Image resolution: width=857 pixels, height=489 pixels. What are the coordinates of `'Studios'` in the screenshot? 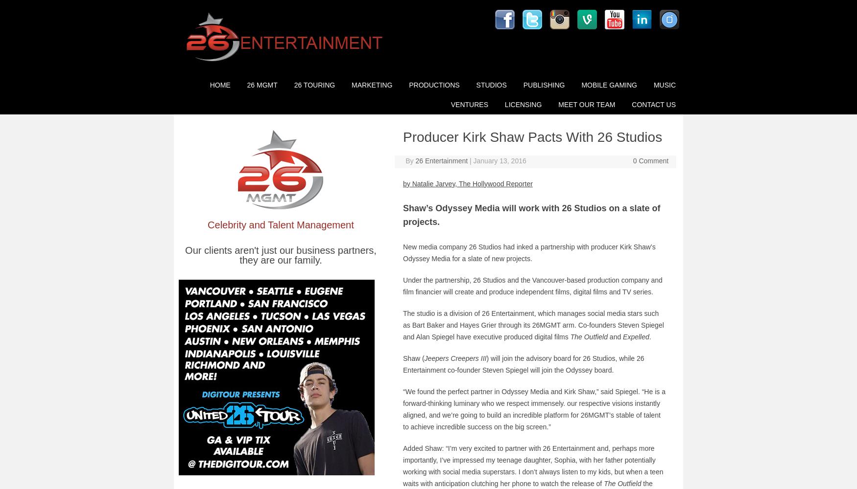 It's located at (490, 85).